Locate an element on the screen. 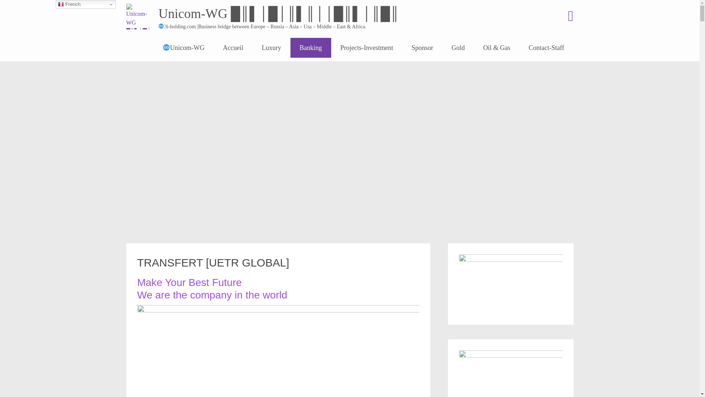 The height and width of the screenshot is (397, 705). 'French' is located at coordinates (86, 4).